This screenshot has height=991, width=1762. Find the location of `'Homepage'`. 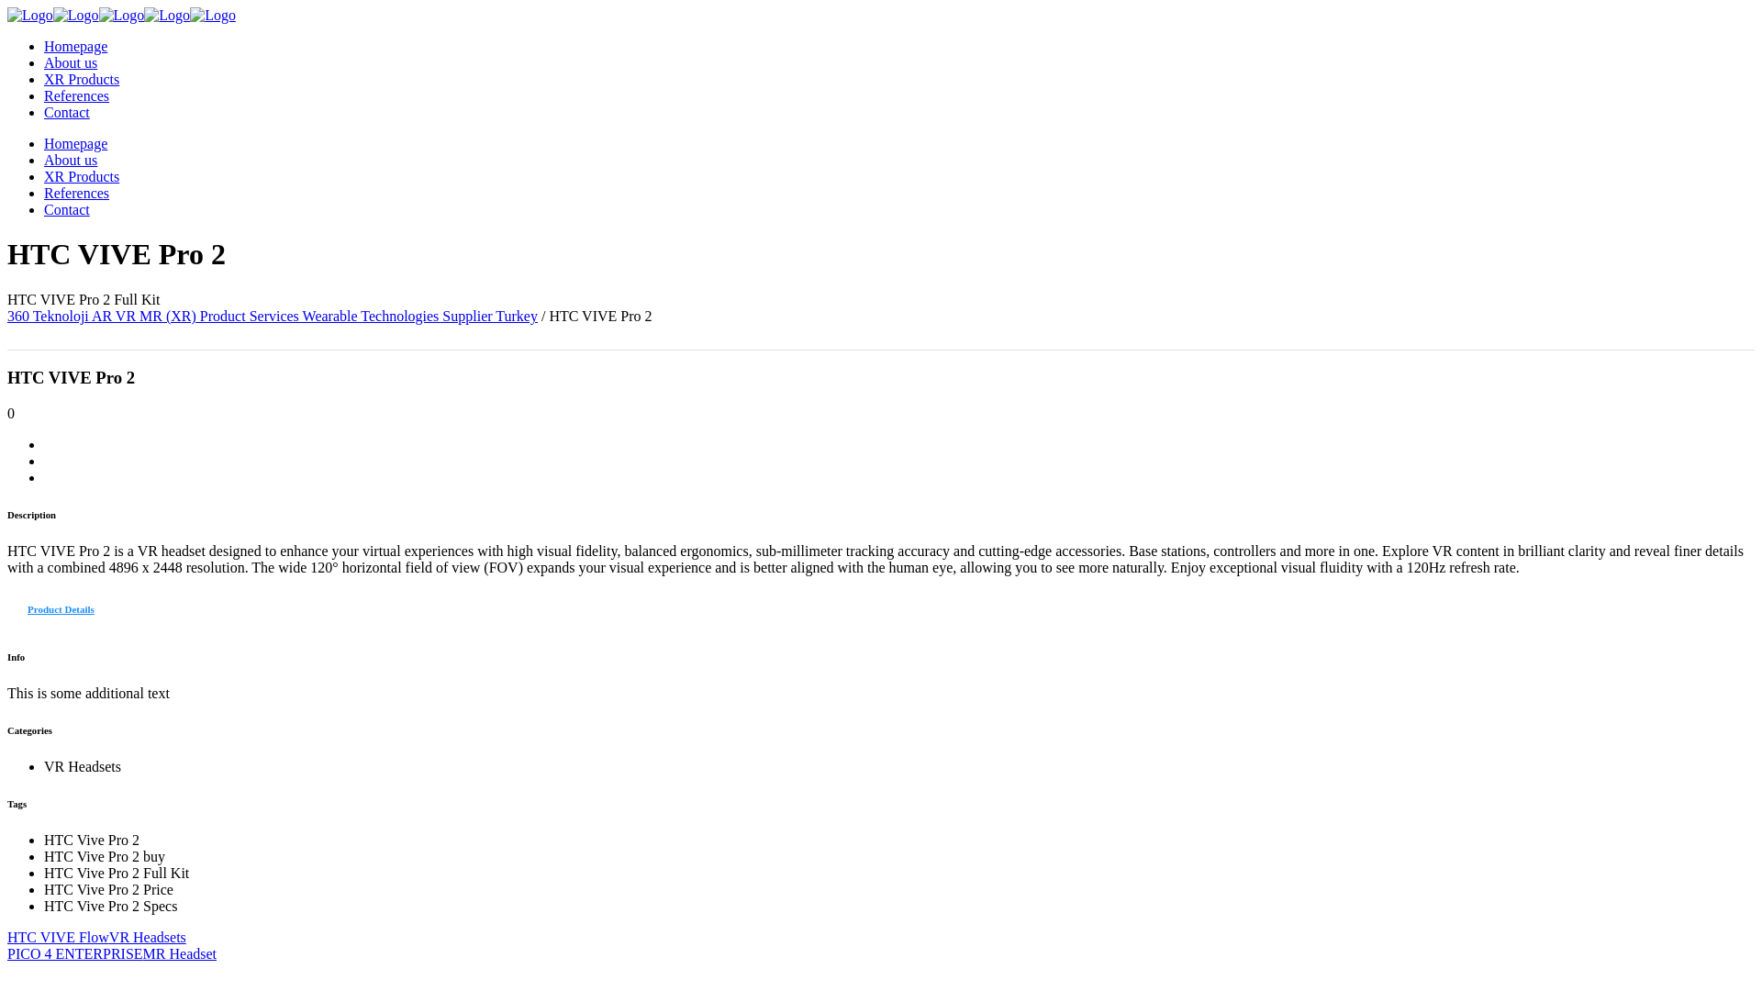

'Homepage' is located at coordinates (74, 142).